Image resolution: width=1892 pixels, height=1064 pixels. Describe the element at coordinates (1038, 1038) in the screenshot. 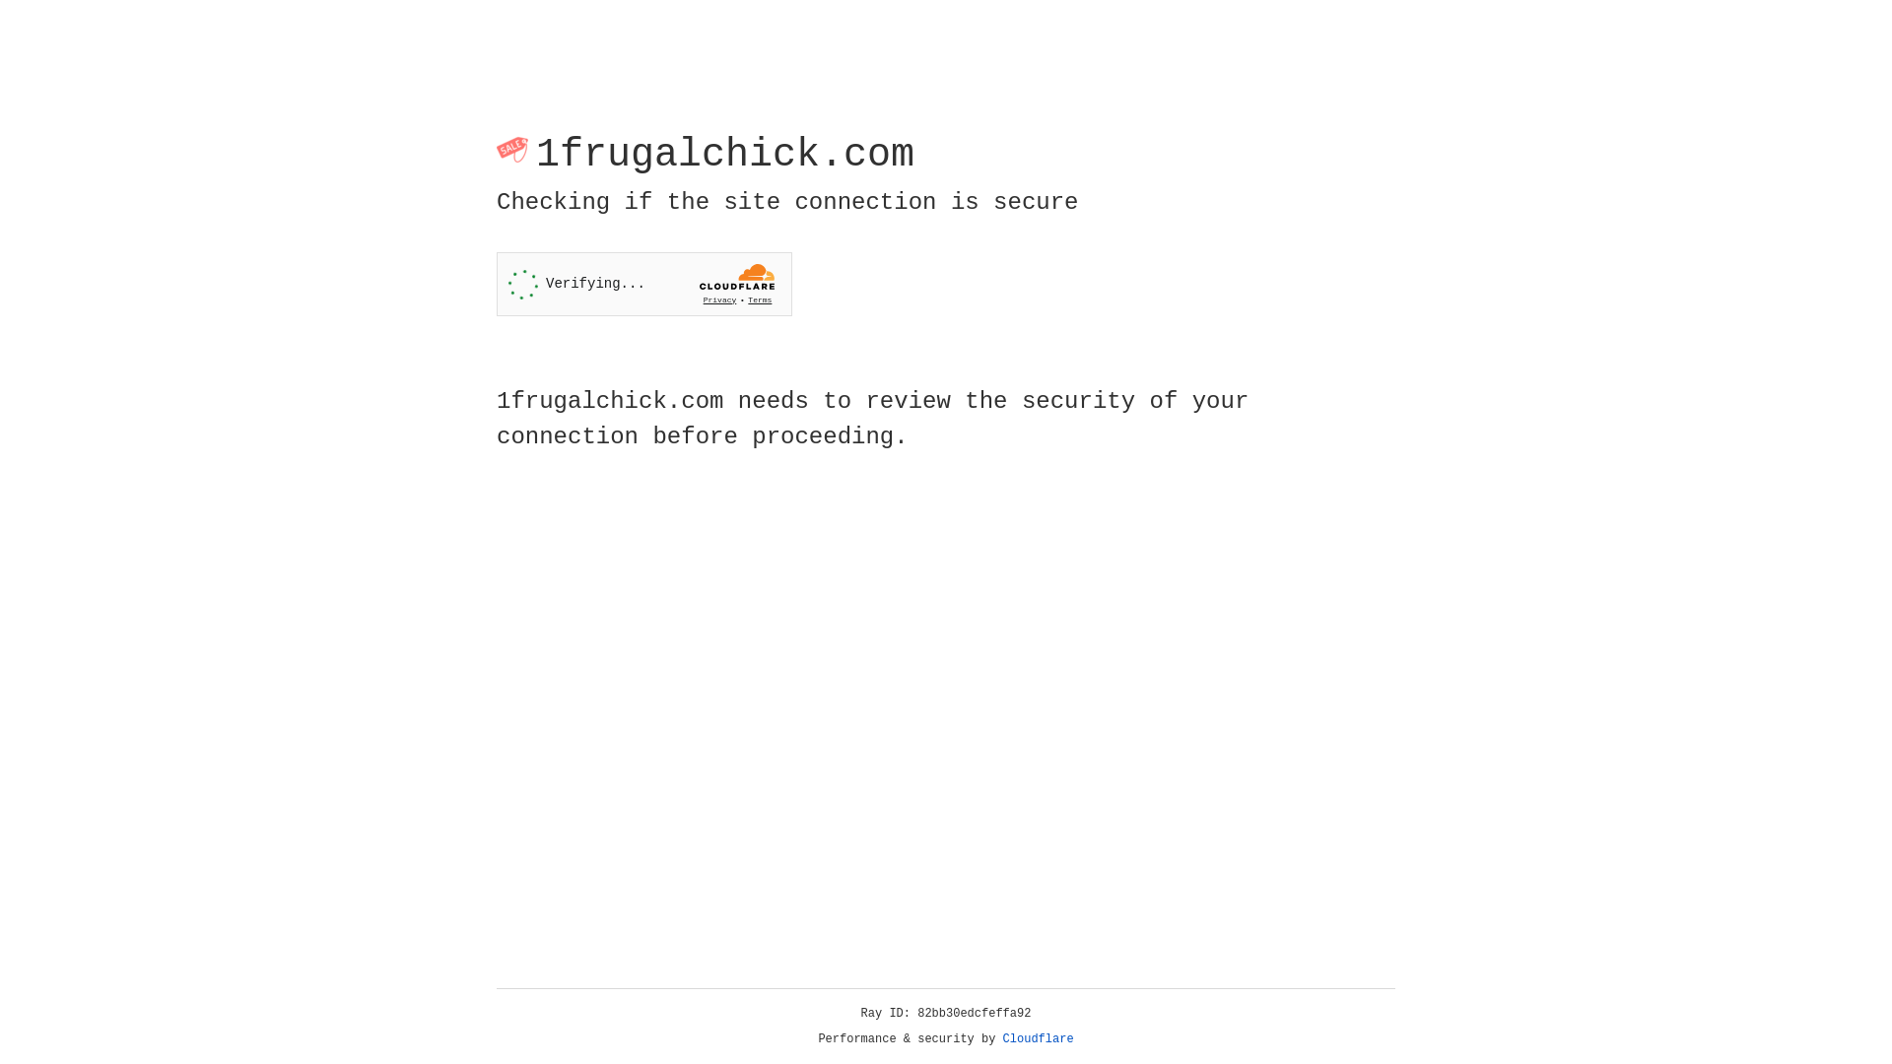

I see `'Cloudflare'` at that location.